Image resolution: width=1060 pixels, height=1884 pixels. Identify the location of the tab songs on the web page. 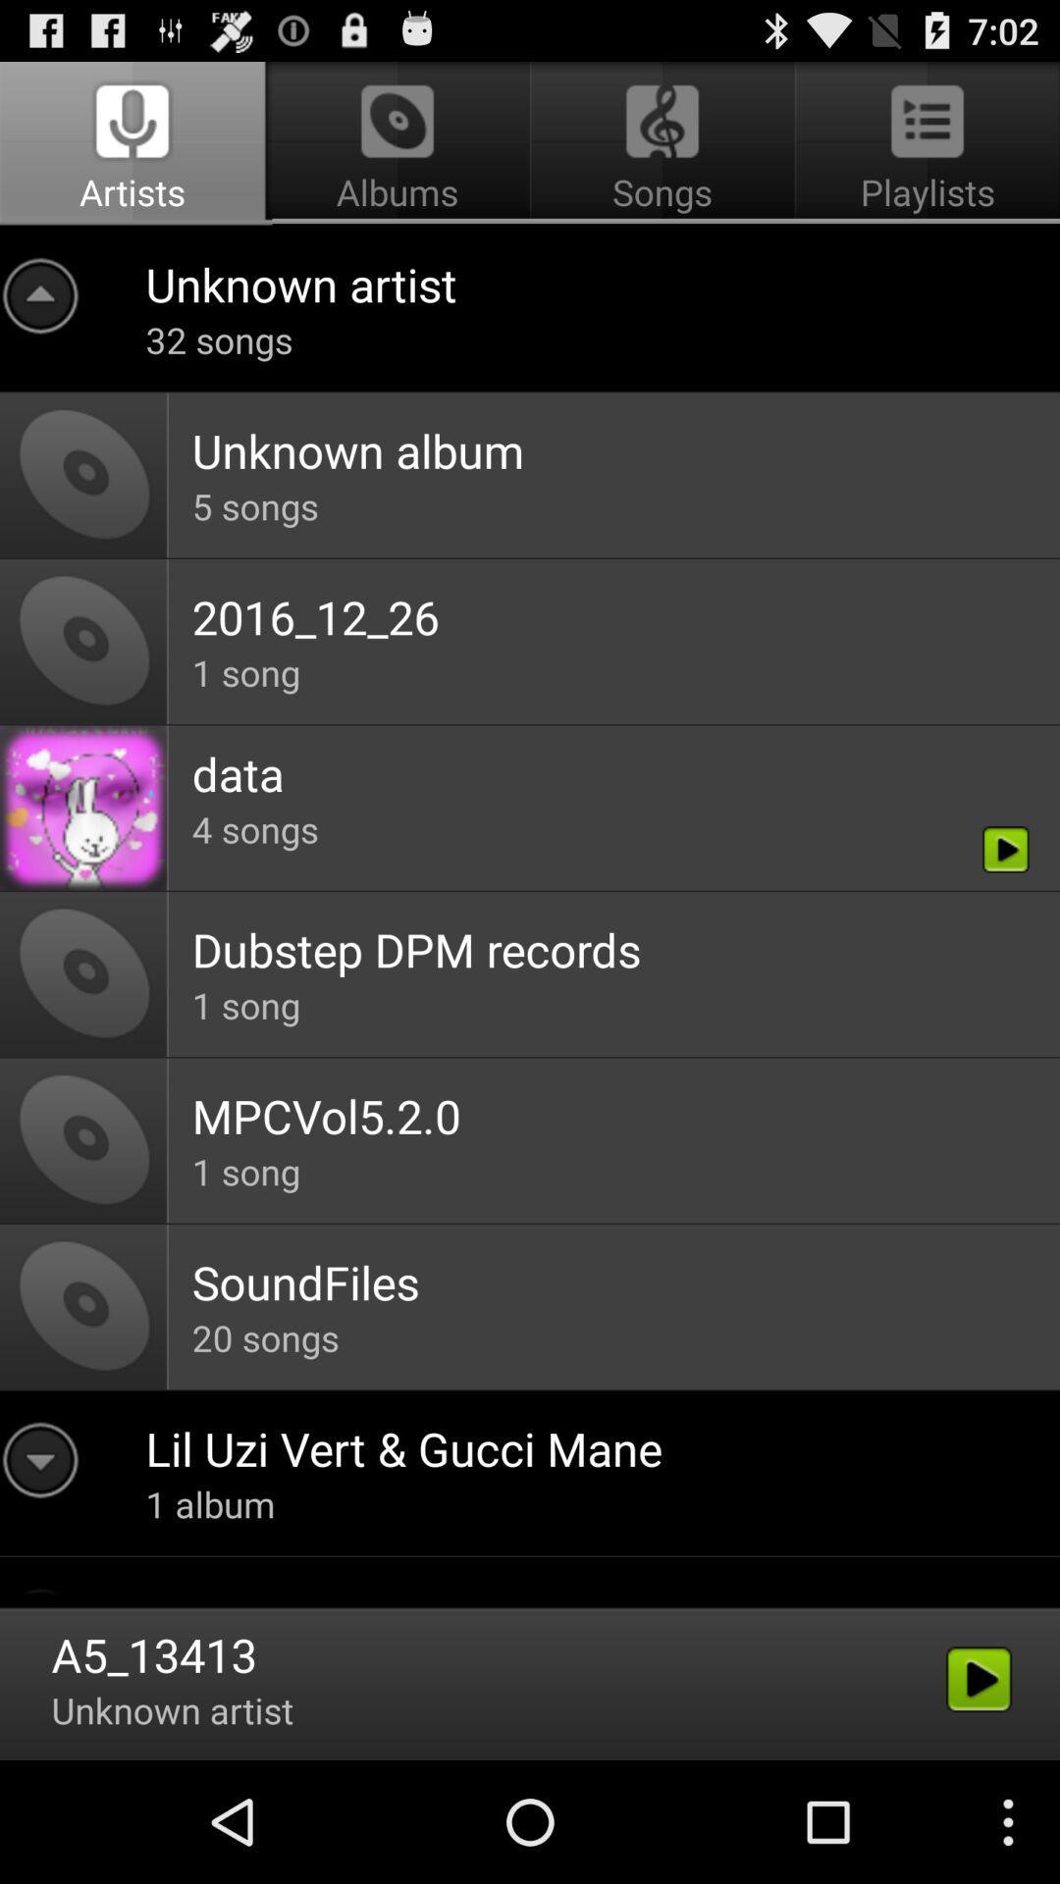
(662, 143).